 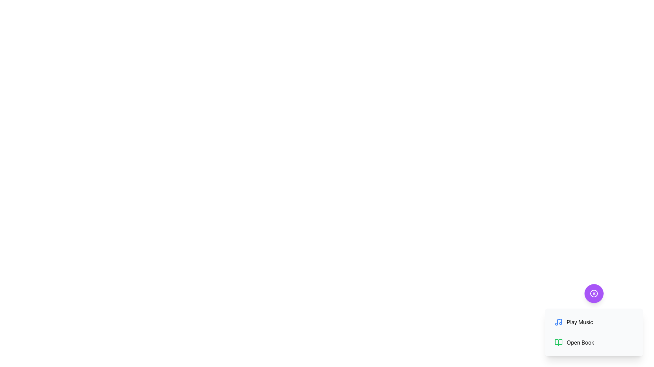 What do you see at coordinates (593, 293) in the screenshot?
I see `the Graphical decorative circle icon located at the upper-right corner of the floating action menu` at bounding box center [593, 293].